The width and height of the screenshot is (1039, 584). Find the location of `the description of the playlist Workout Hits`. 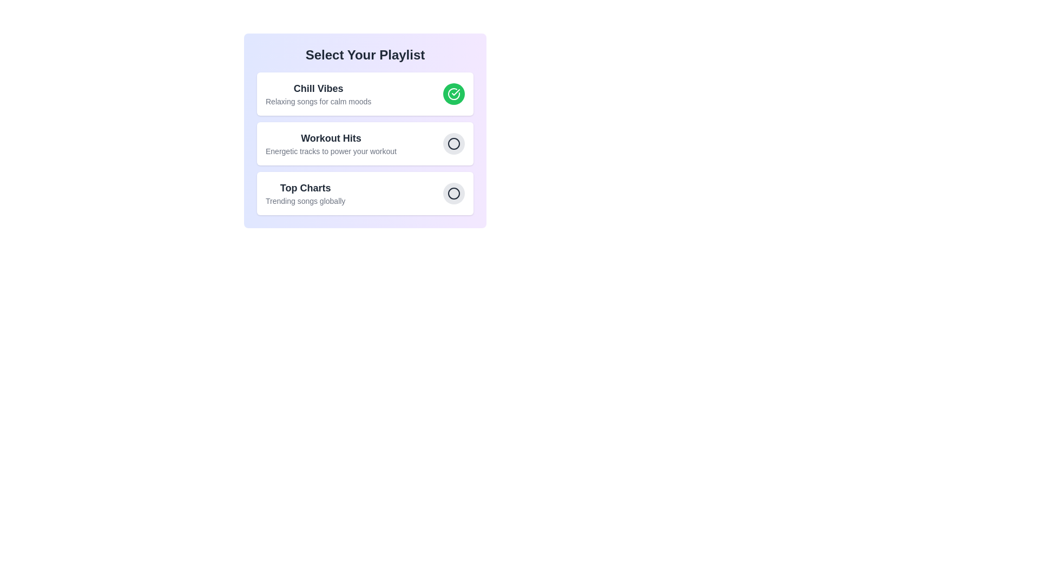

the description of the playlist Workout Hits is located at coordinates (330, 151).